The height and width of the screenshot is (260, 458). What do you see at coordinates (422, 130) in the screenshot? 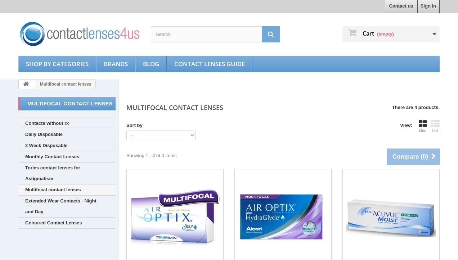
I see `'Grid'` at bounding box center [422, 130].